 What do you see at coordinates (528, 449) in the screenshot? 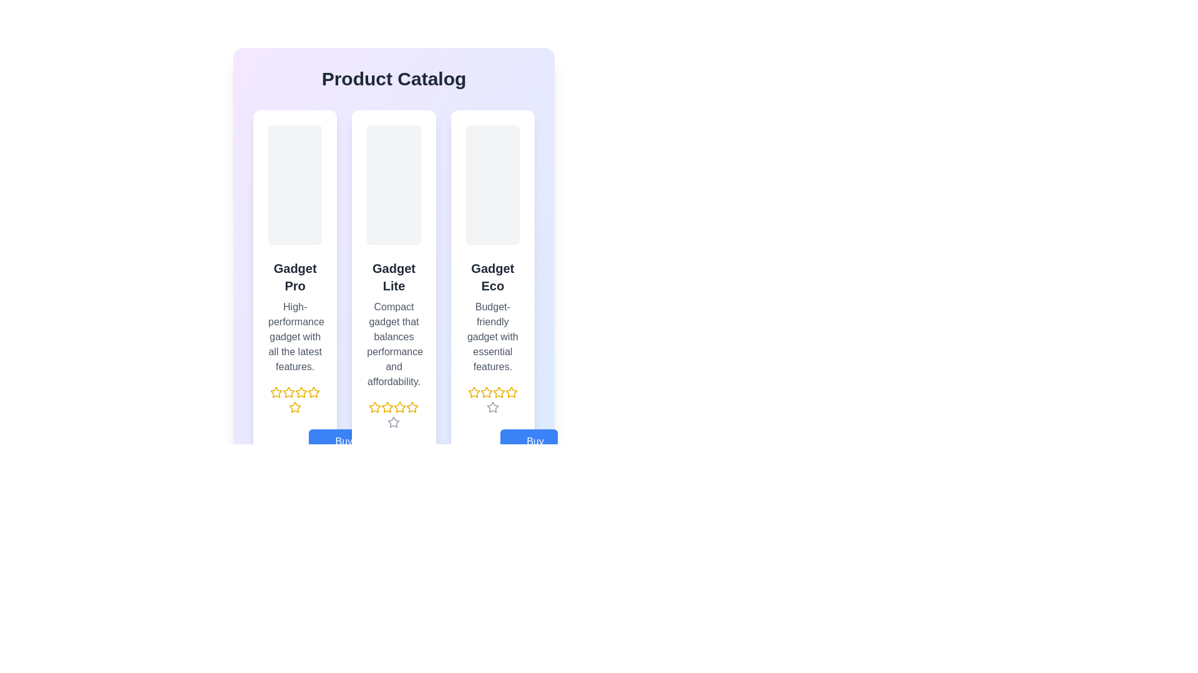
I see `the 'Buy Now' button with a blue background and a shopping cart icon, located in the lower section of the 'Gadget Eco' card` at bounding box center [528, 449].